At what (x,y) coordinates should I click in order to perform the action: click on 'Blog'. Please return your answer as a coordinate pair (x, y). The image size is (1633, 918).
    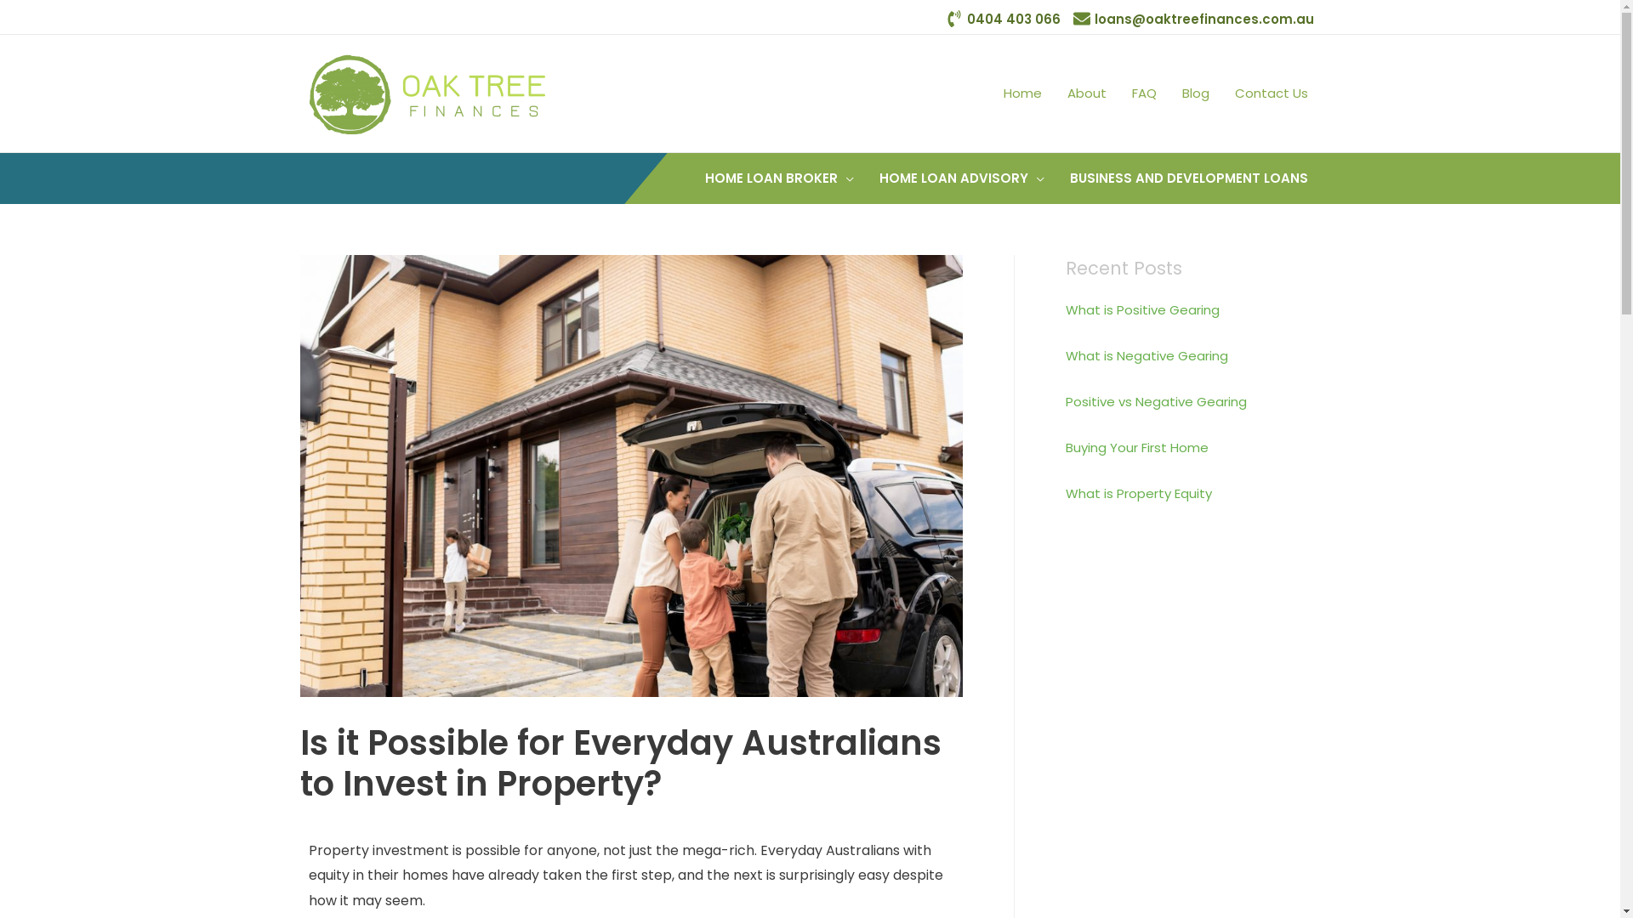
    Looking at the image, I should click on (1194, 93).